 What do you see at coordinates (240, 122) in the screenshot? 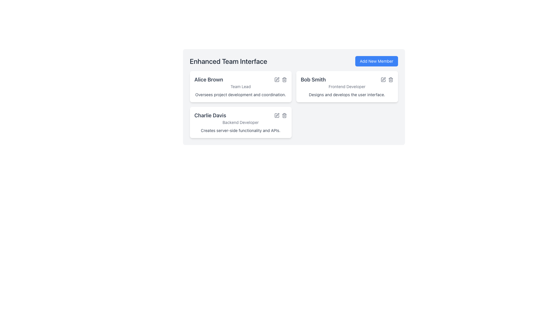
I see `the Static Text Label indicating the job title of user 'Charlie Davis', which is positioned in the middle section of the user card, between the larger text and the description` at bounding box center [240, 122].